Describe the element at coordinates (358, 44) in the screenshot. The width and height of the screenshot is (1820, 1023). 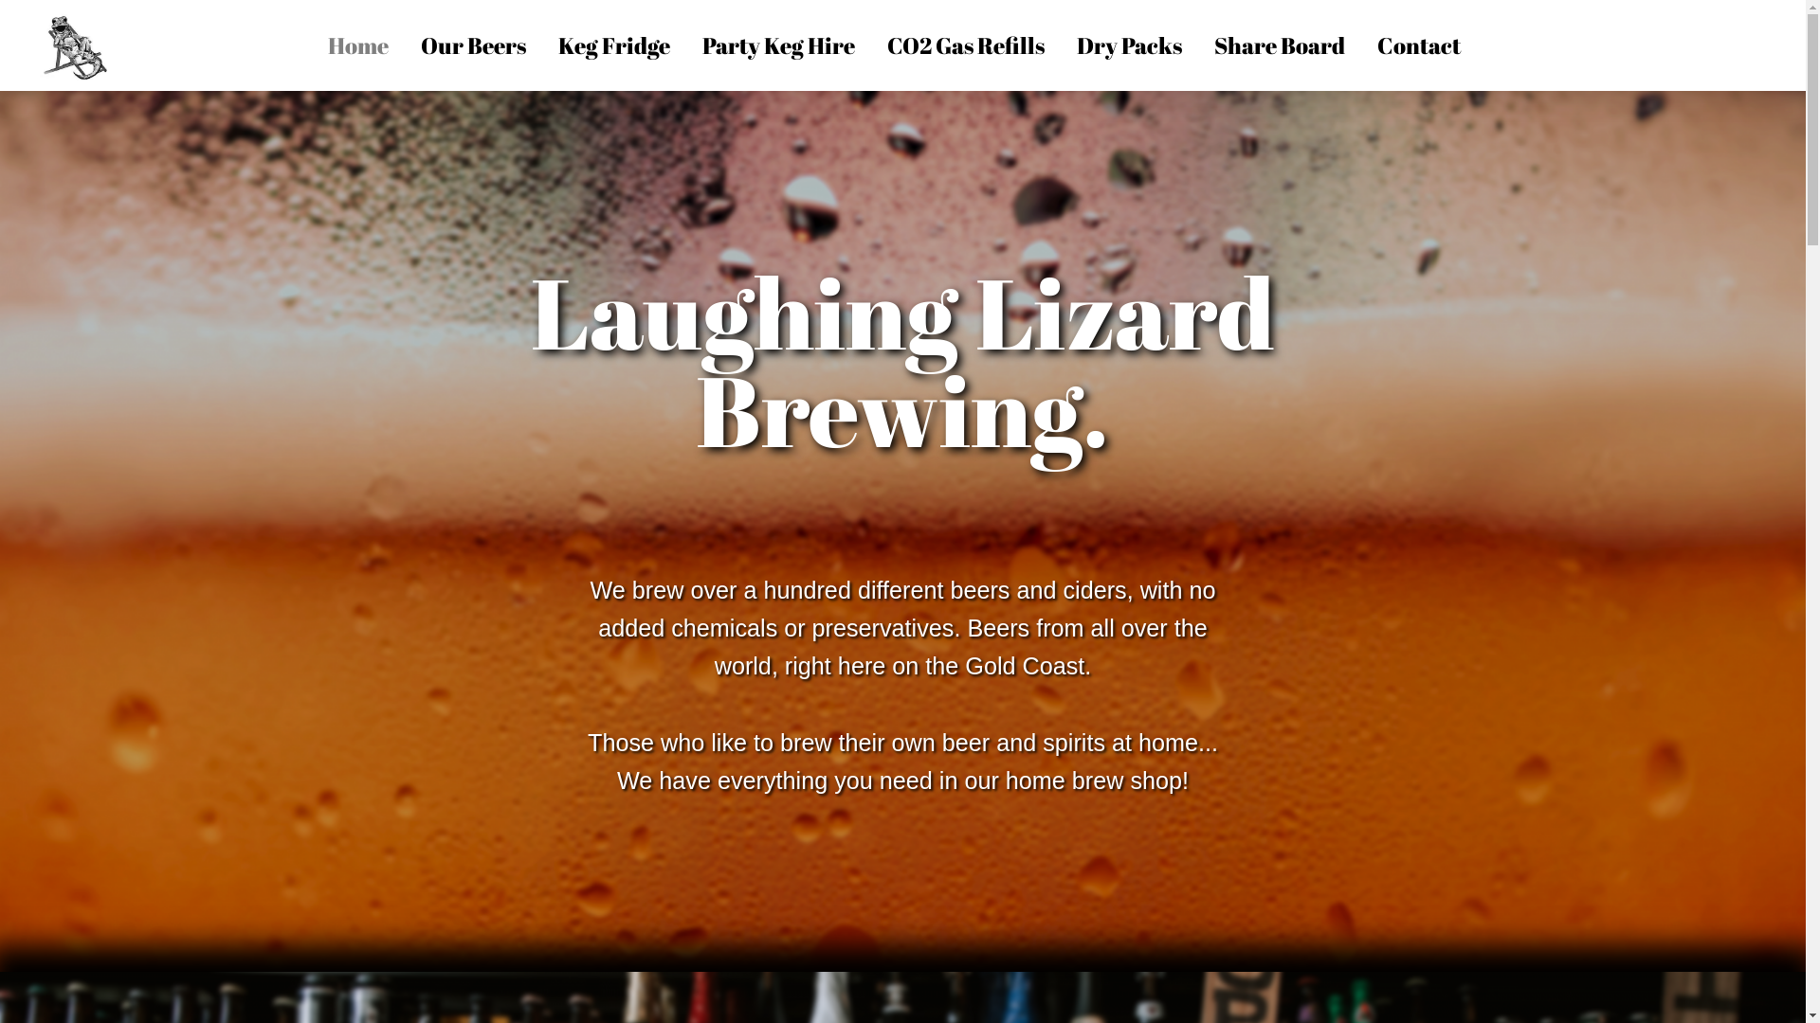
I see `'Home'` at that location.